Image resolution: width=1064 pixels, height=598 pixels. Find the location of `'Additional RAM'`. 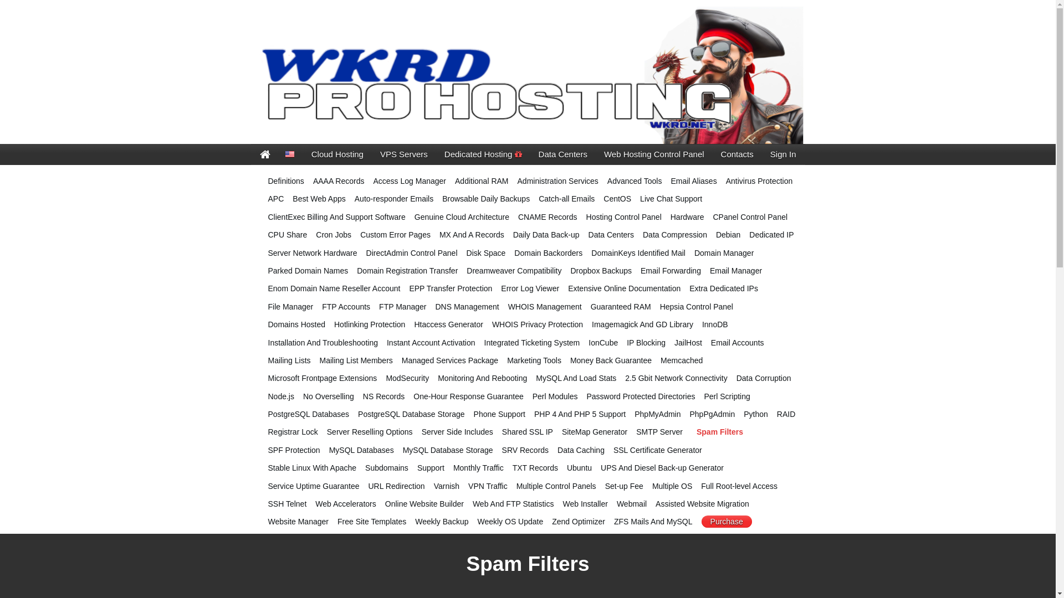

'Additional RAM' is located at coordinates (482, 181).